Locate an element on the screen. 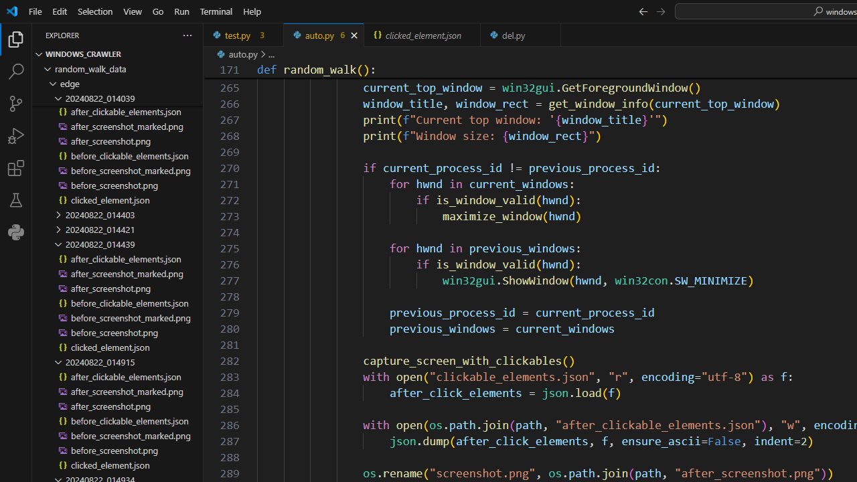 The image size is (857, 482). 'Go Back (Alt+LeftArrow)' is located at coordinates (643, 11).